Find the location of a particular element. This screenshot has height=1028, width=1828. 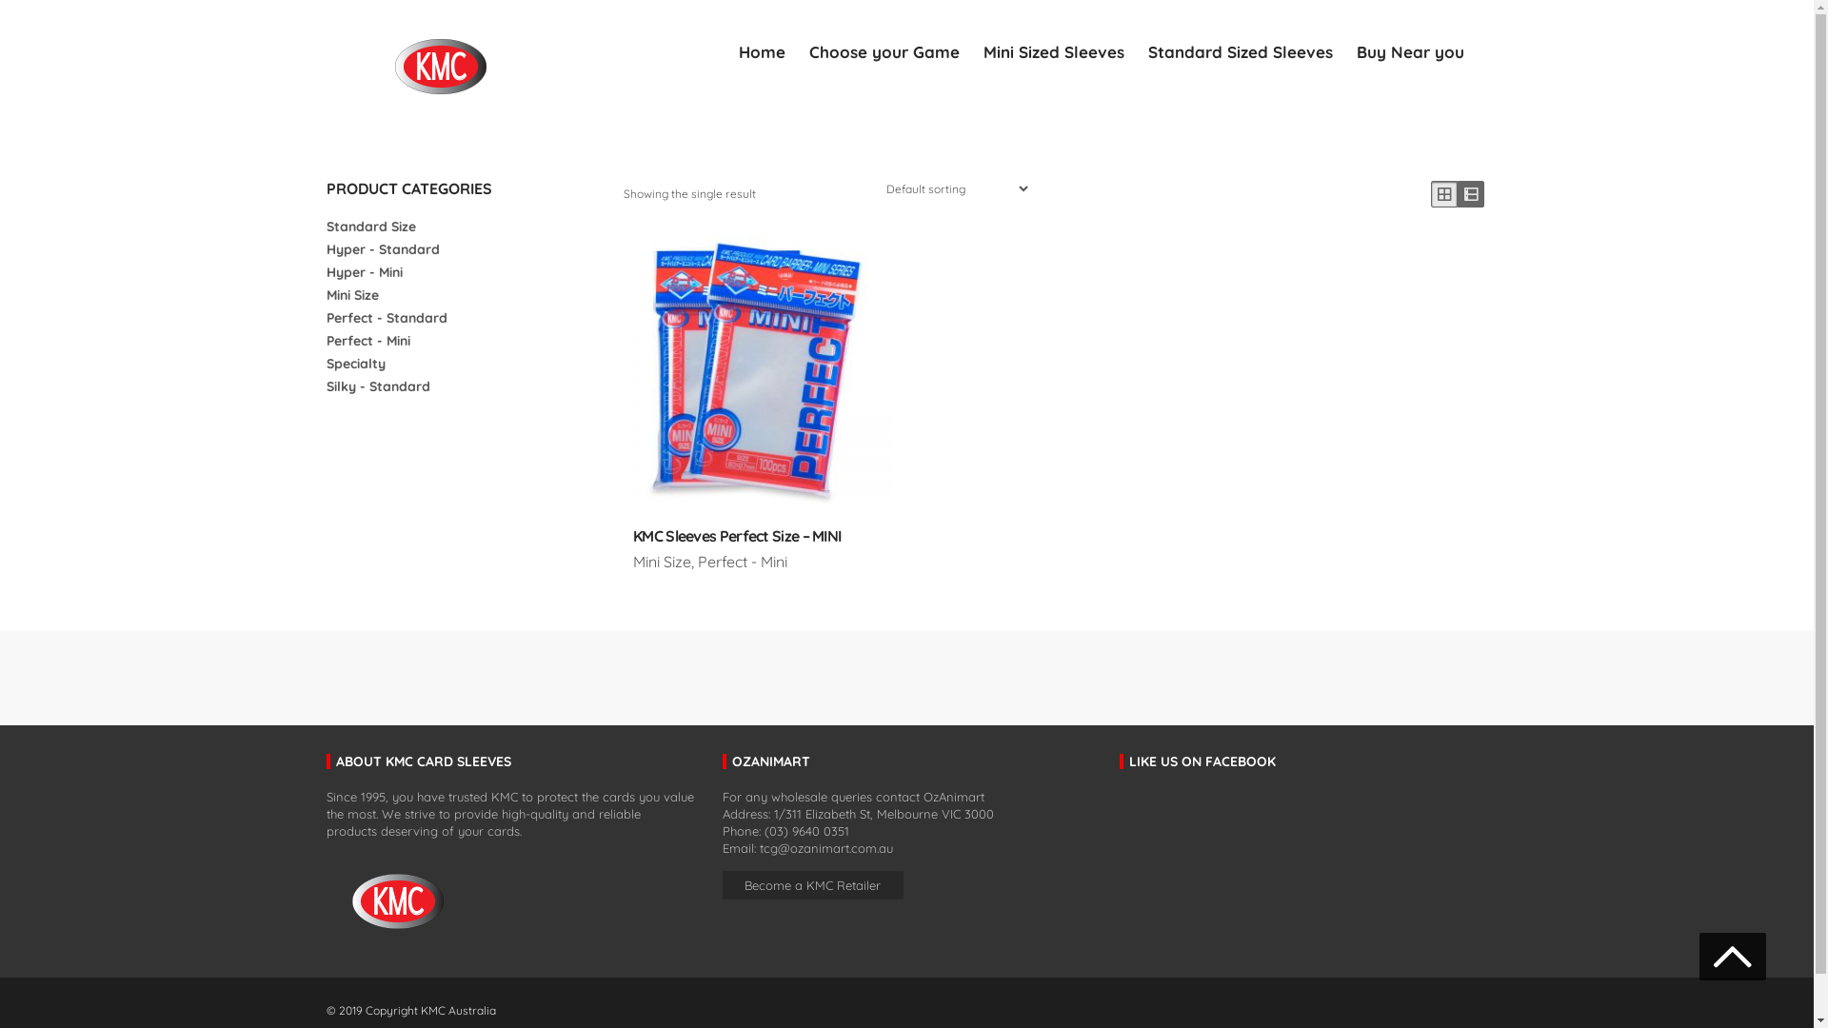

'Standard Sized Sleeves' is located at coordinates (1240, 50).